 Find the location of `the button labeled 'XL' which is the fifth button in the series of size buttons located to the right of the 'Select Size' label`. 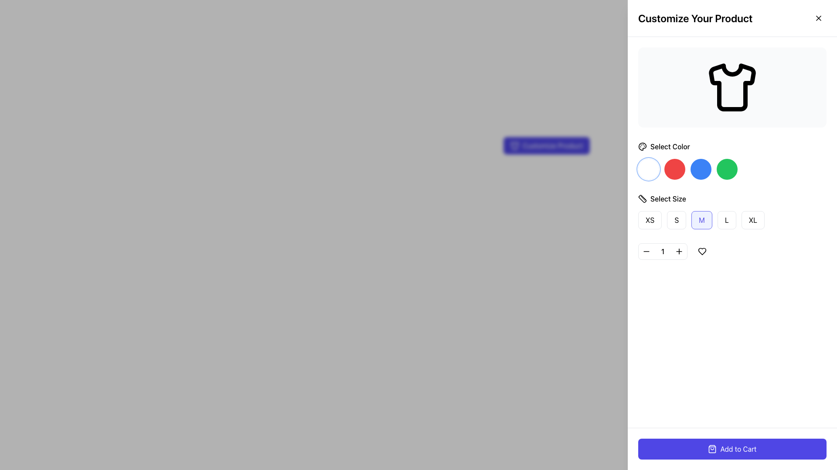

the button labeled 'XL' which is the fifth button in the series of size buttons located to the right of the 'Select Size' label is located at coordinates (752, 219).